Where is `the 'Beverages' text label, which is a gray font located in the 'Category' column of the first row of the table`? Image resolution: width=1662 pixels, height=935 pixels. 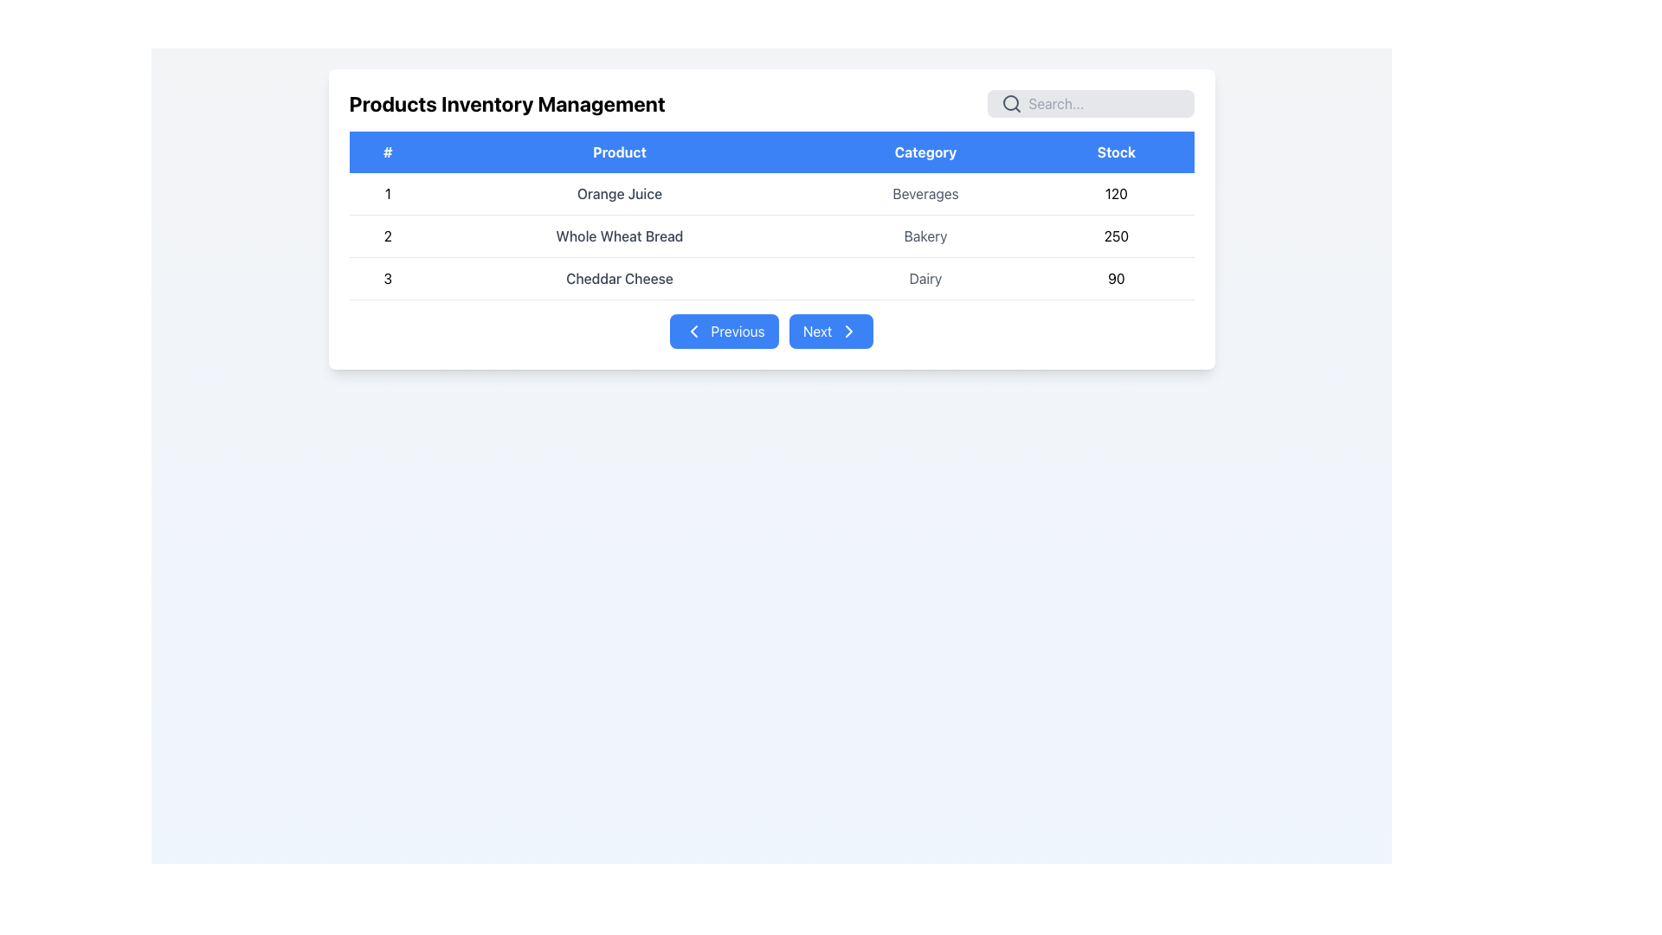 the 'Beverages' text label, which is a gray font located in the 'Category' column of the first row of the table is located at coordinates (924, 194).